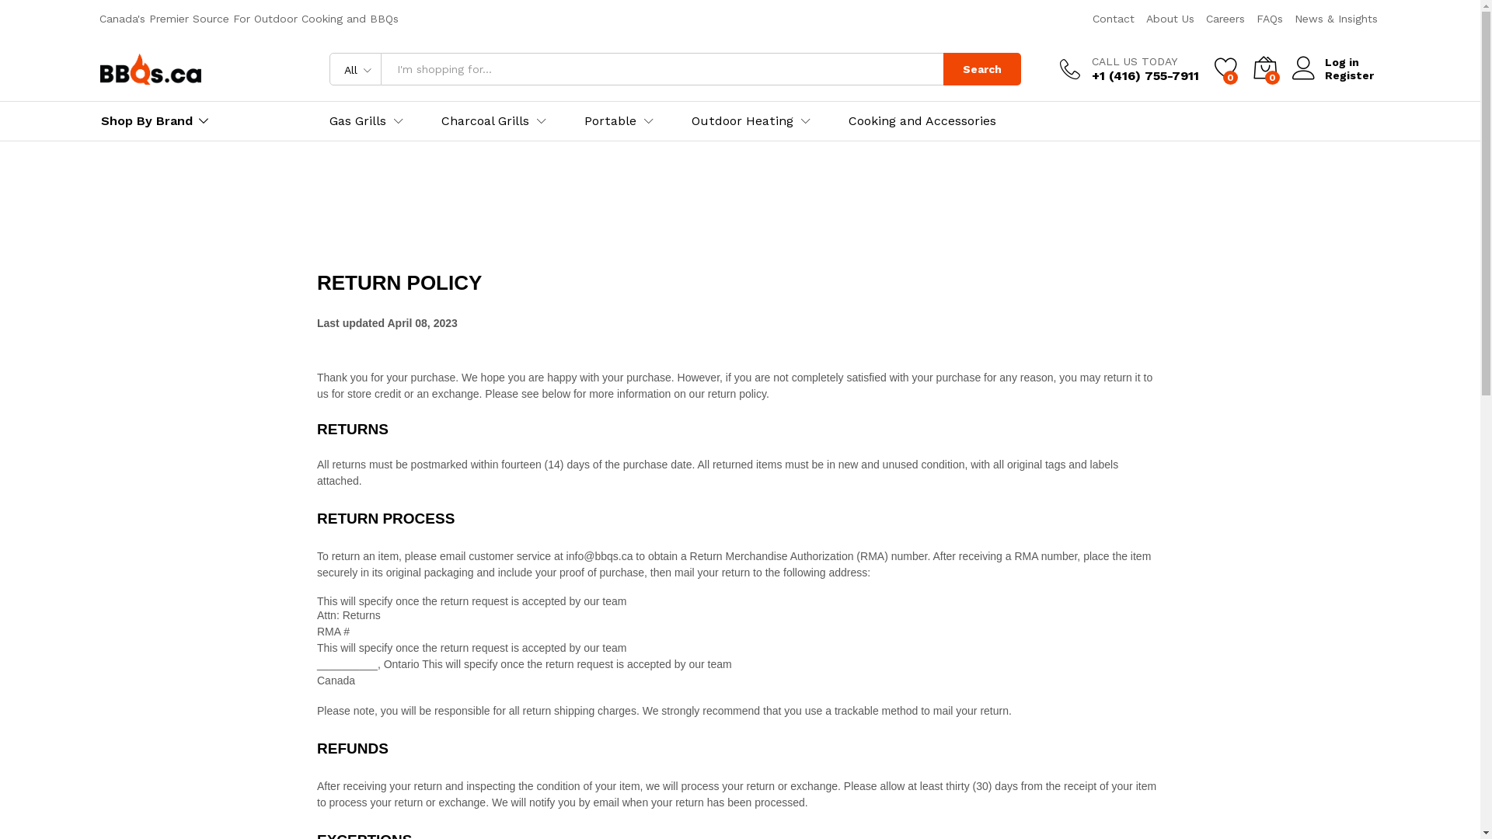  What do you see at coordinates (1225, 68) in the screenshot?
I see `'0'` at bounding box center [1225, 68].